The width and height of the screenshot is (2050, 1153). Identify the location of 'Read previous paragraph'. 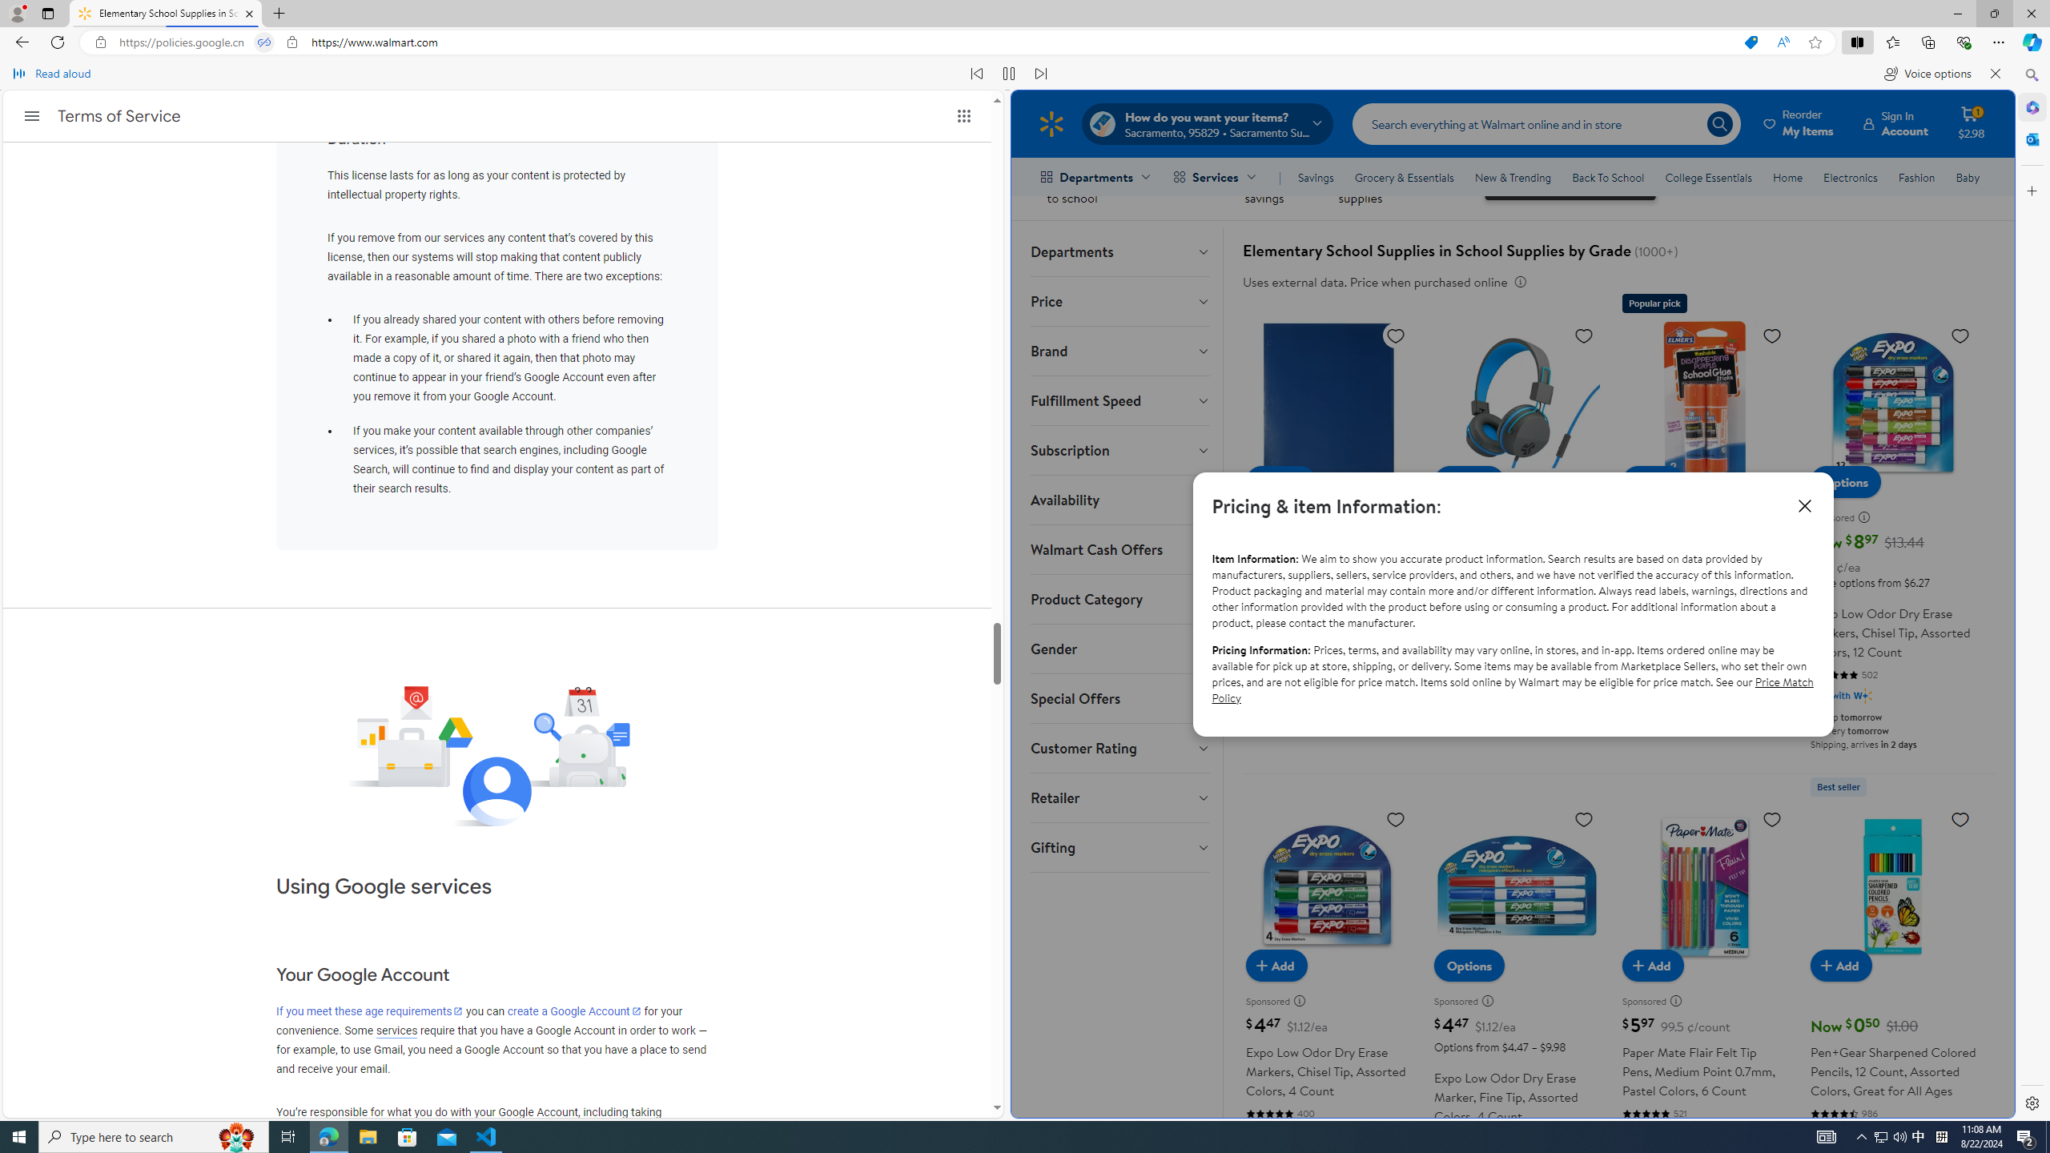
(975, 73).